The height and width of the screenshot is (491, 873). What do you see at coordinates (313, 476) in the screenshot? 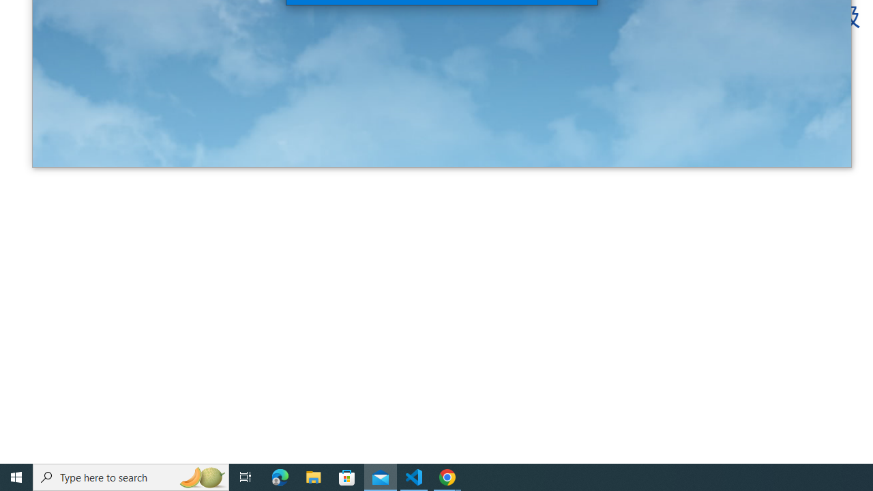
I see `'File Explorer'` at bounding box center [313, 476].